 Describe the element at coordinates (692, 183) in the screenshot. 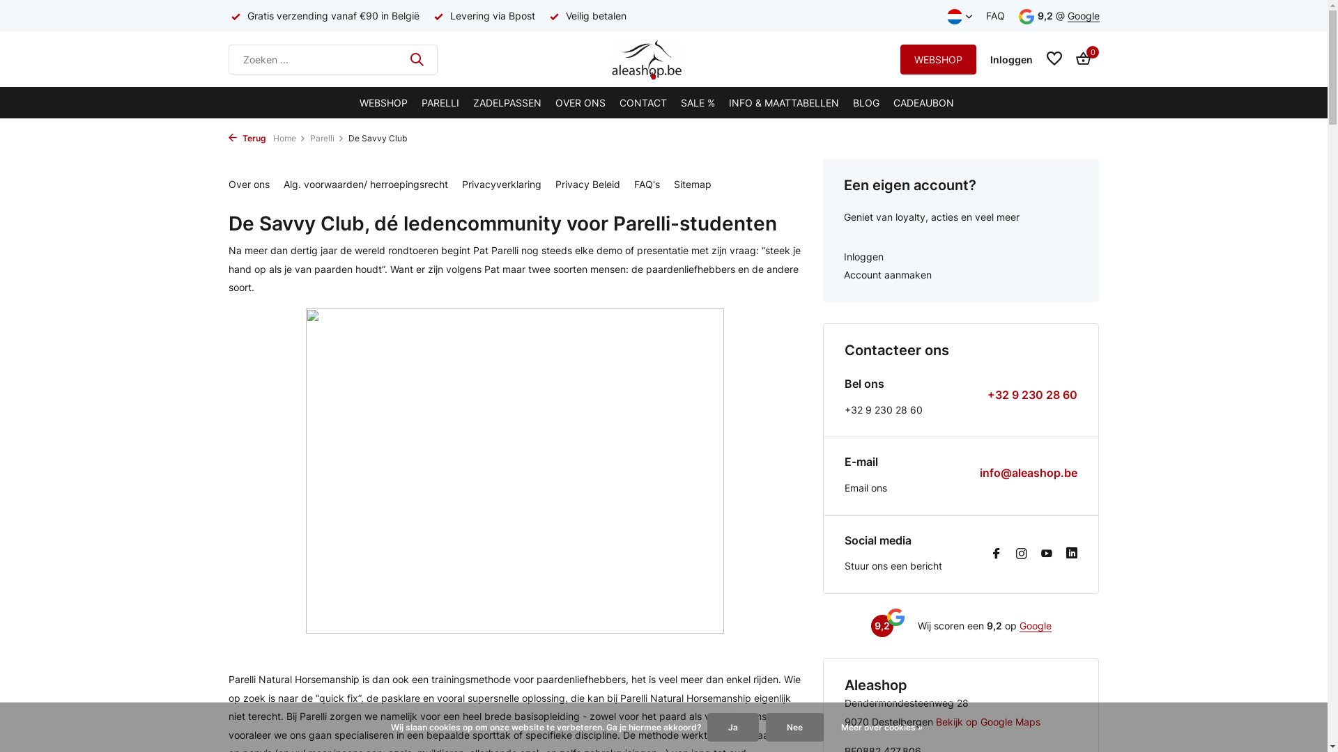

I see `'Sitemap'` at that location.